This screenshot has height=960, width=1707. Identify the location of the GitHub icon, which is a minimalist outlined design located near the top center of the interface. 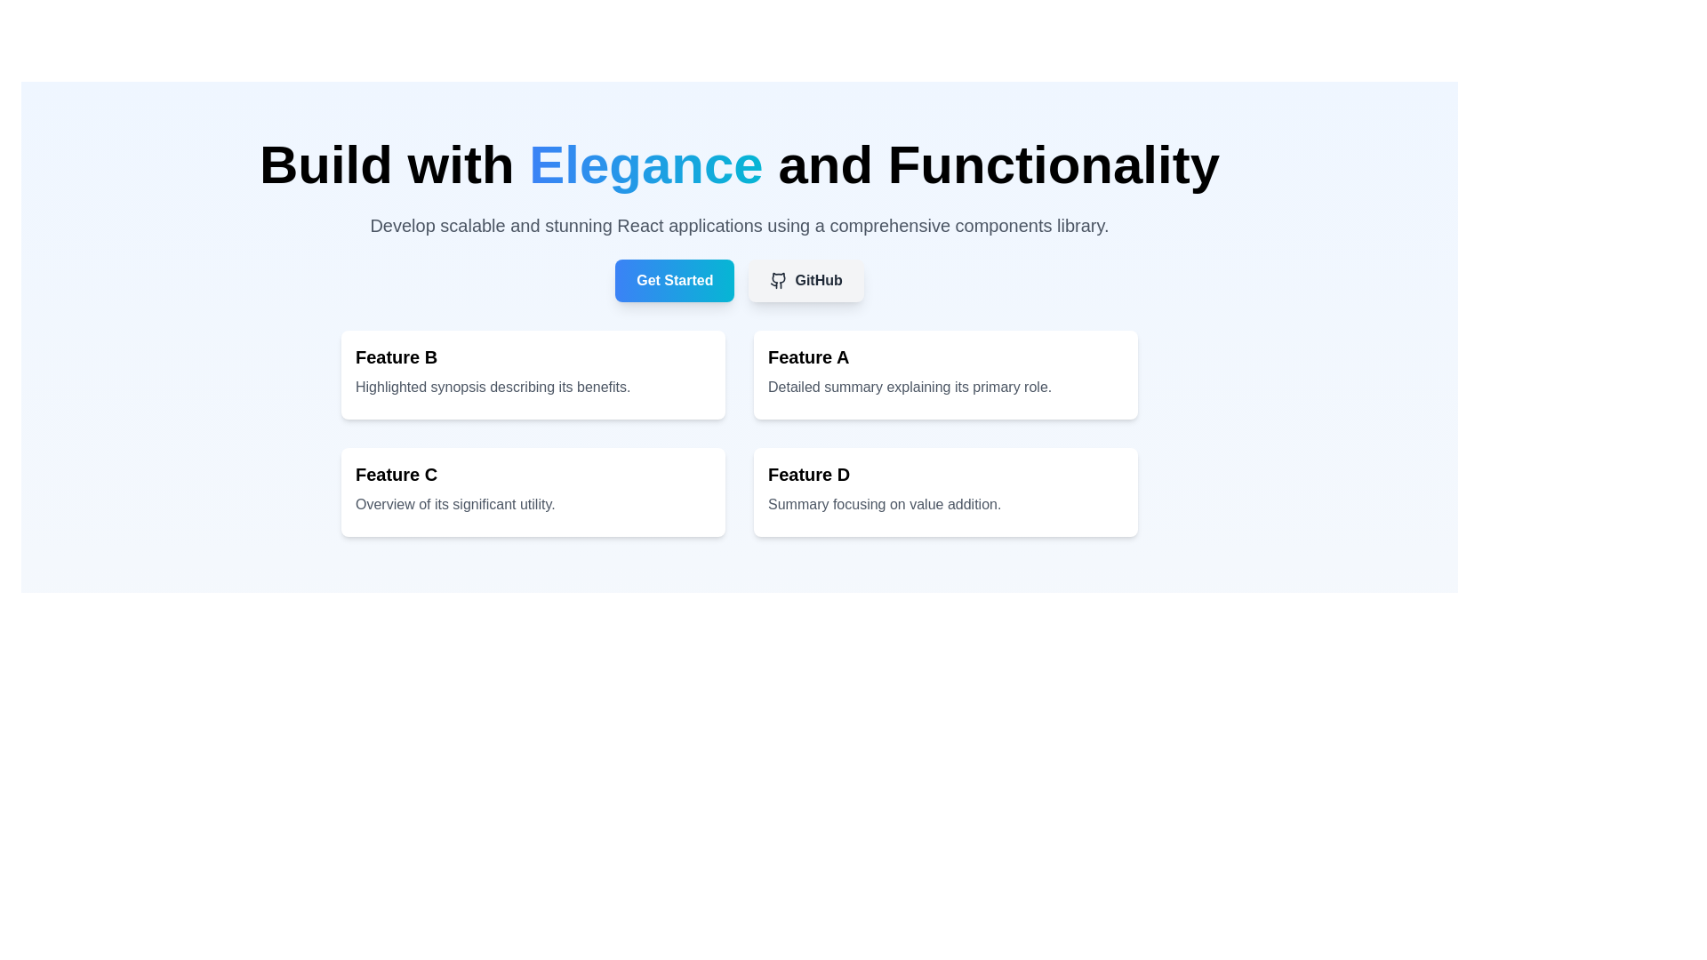
(779, 280).